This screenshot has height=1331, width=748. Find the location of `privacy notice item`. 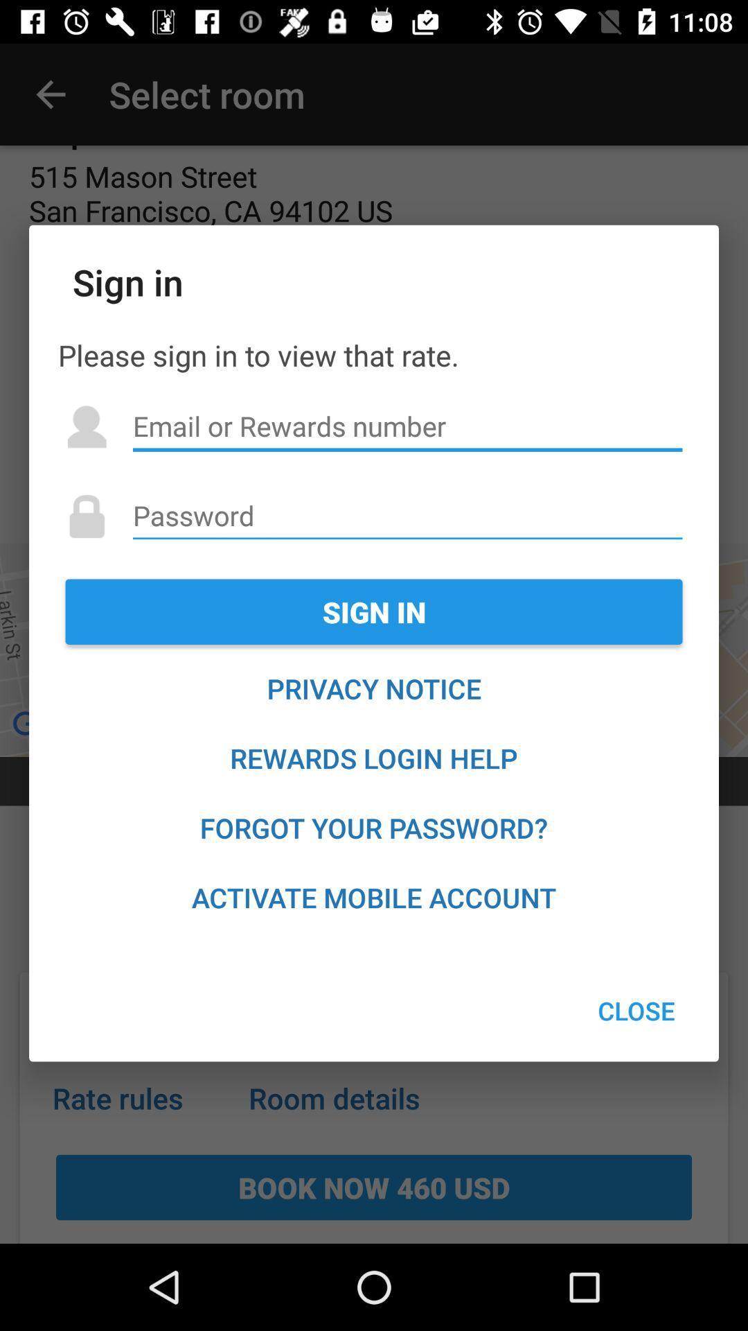

privacy notice item is located at coordinates (374, 688).